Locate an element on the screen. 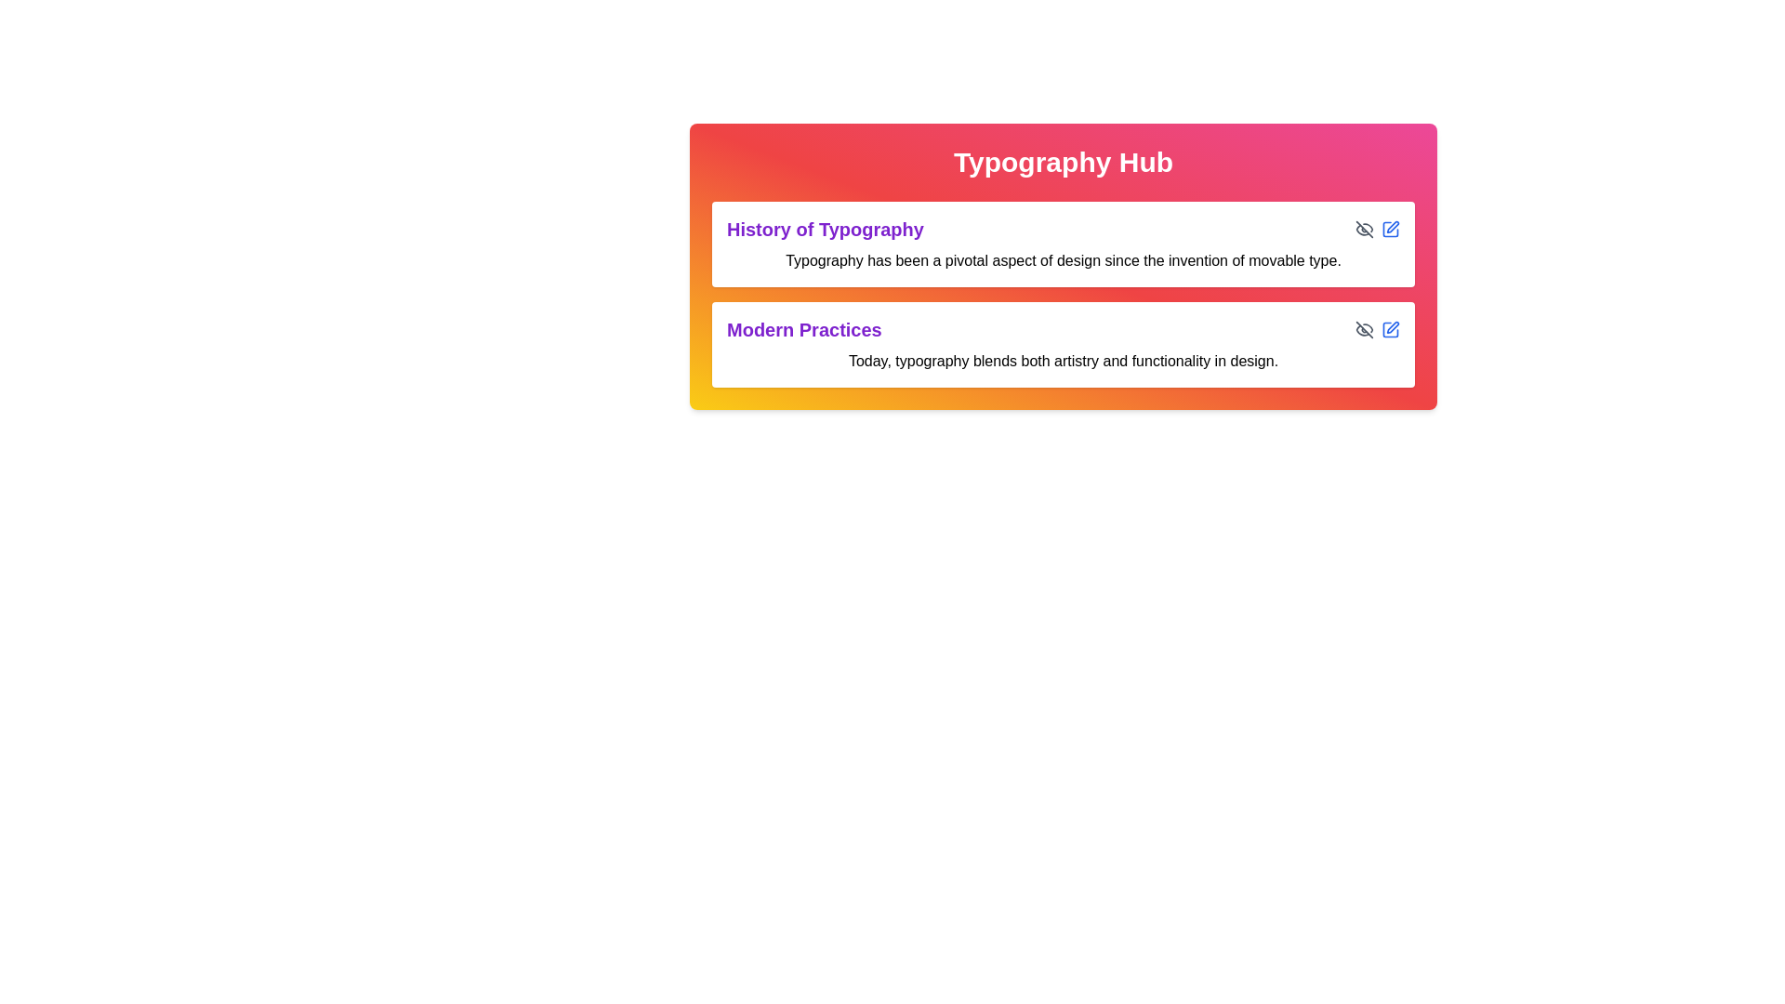 The height and width of the screenshot is (1004, 1785). the edit icon located in the second row next to 'Modern Practices' is located at coordinates (1393, 326).